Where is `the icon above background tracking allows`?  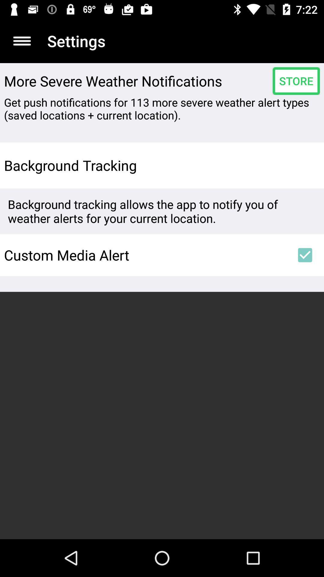
the icon above background tracking allows is located at coordinates (305, 165).